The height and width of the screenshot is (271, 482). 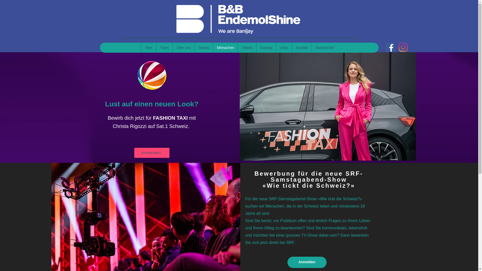 What do you see at coordinates (247, 47) in the screenshot?
I see `'Videos'` at bounding box center [247, 47].